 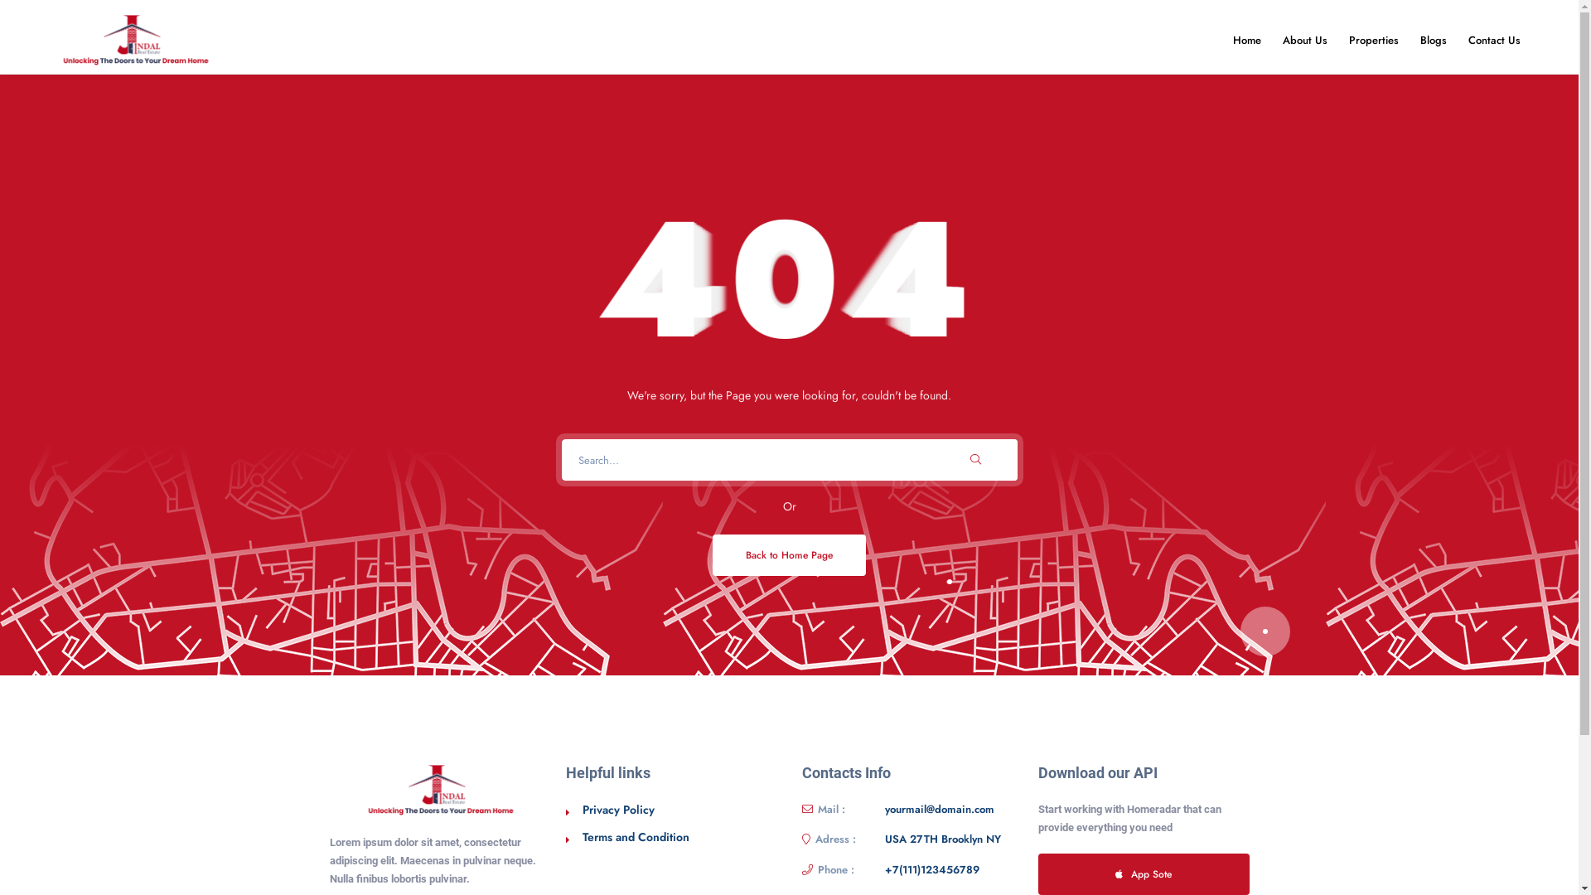 I want to click on 'Contact Us', so click(x=1494, y=39).